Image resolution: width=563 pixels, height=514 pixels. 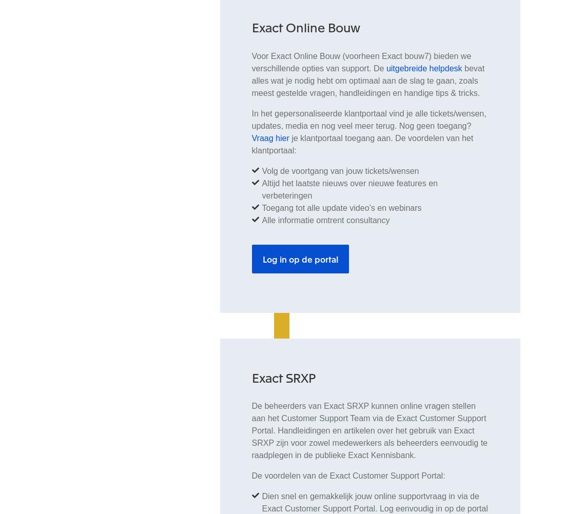 What do you see at coordinates (368, 430) in the screenshot?
I see `'De beheerders van Exact SRXP kunnen online vragen stellen aan het Customer Support Team via de Exact Customer Support Portal. Handleidingen en artikelen over het gebruik van Exact SRXP zijn voor zowel medewerkers als beheerders eenvoudig te raadplegen in de publieke Exact Kennisbank.'` at bounding box center [368, 430].